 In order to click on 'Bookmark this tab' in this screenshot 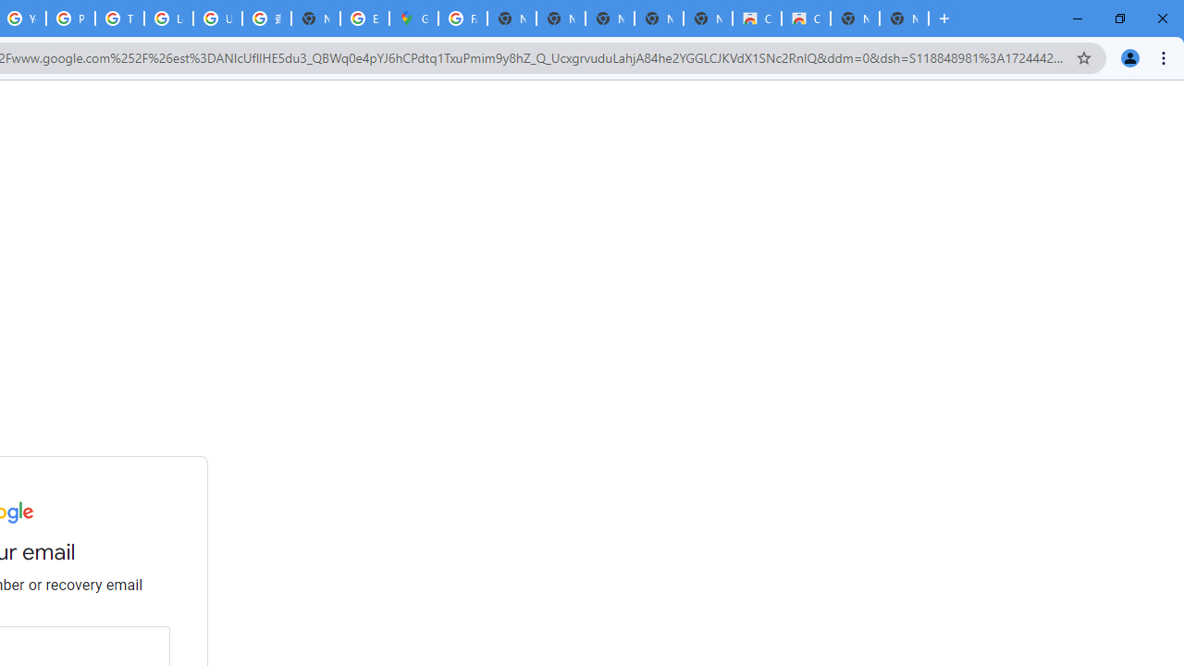, I will do `click(1083, 56)`.